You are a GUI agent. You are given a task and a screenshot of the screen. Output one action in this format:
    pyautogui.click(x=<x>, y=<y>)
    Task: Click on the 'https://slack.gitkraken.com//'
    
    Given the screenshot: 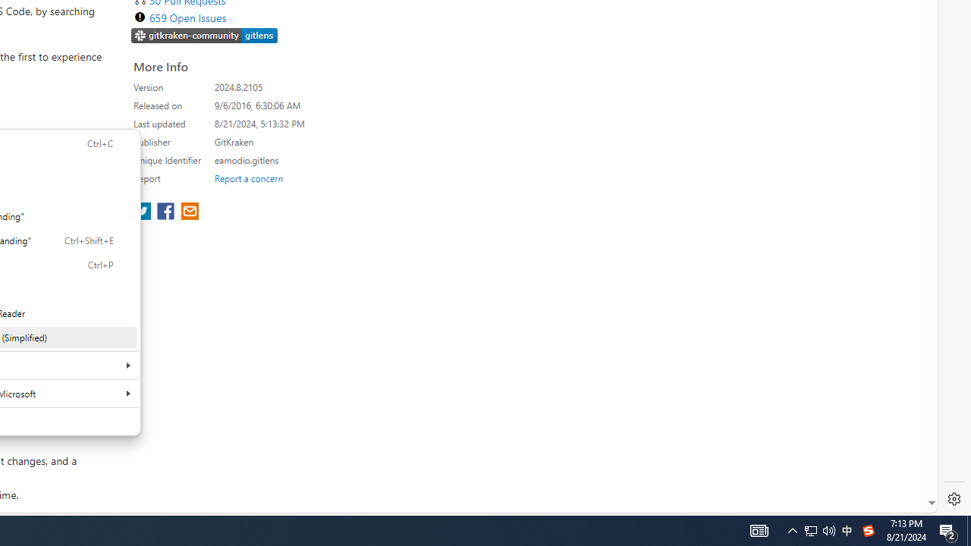 What is the action you would take?
    pyautogui.click(x=204, y=36)
    